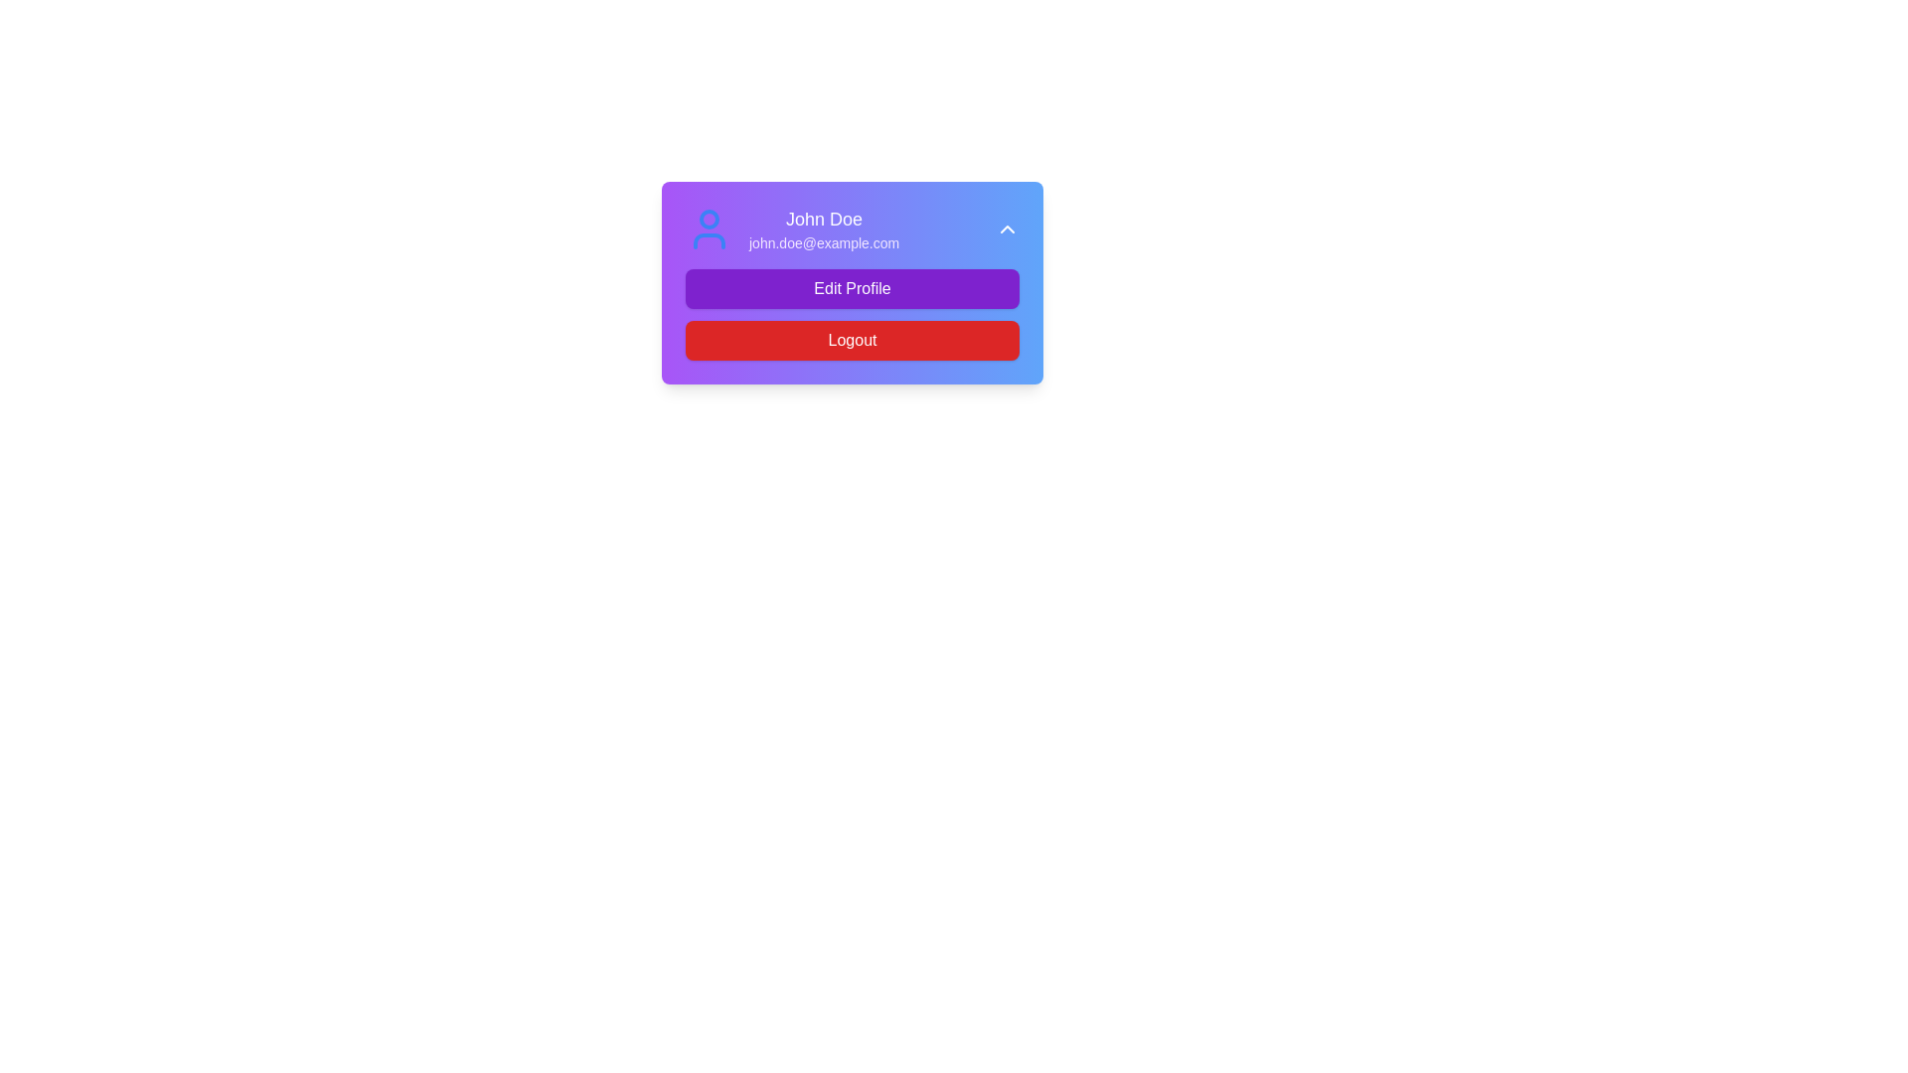 The width and height of the screenshot is (1908, 1073). I want to click on the rectangular red button with rounded corners labeled 'Logout' to observe the color change effect, so click(853, 340).